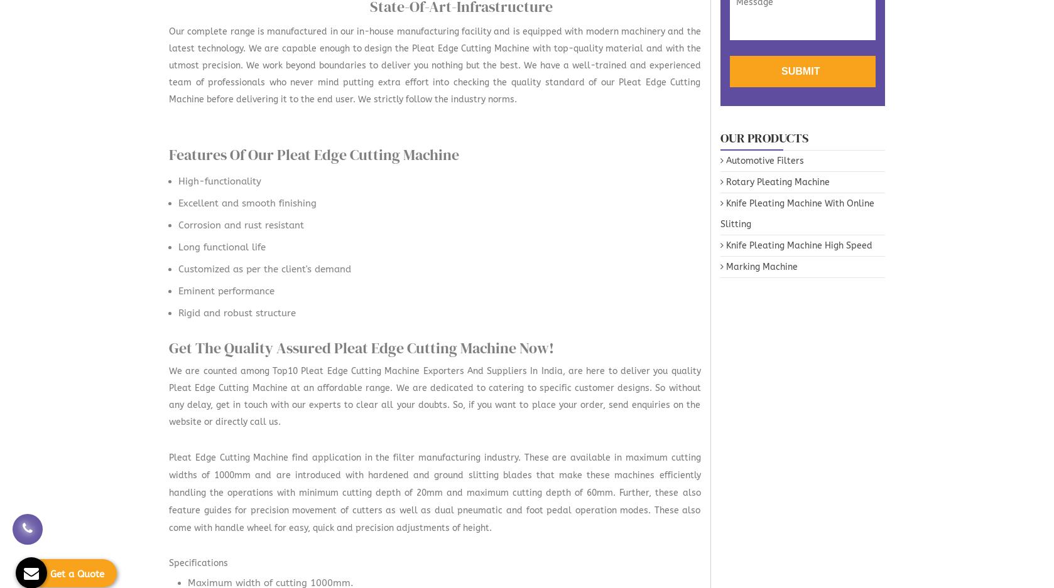  Describe the element at coordinates (764, 136) in the screenshot. I see `'Our Products'` at that location.